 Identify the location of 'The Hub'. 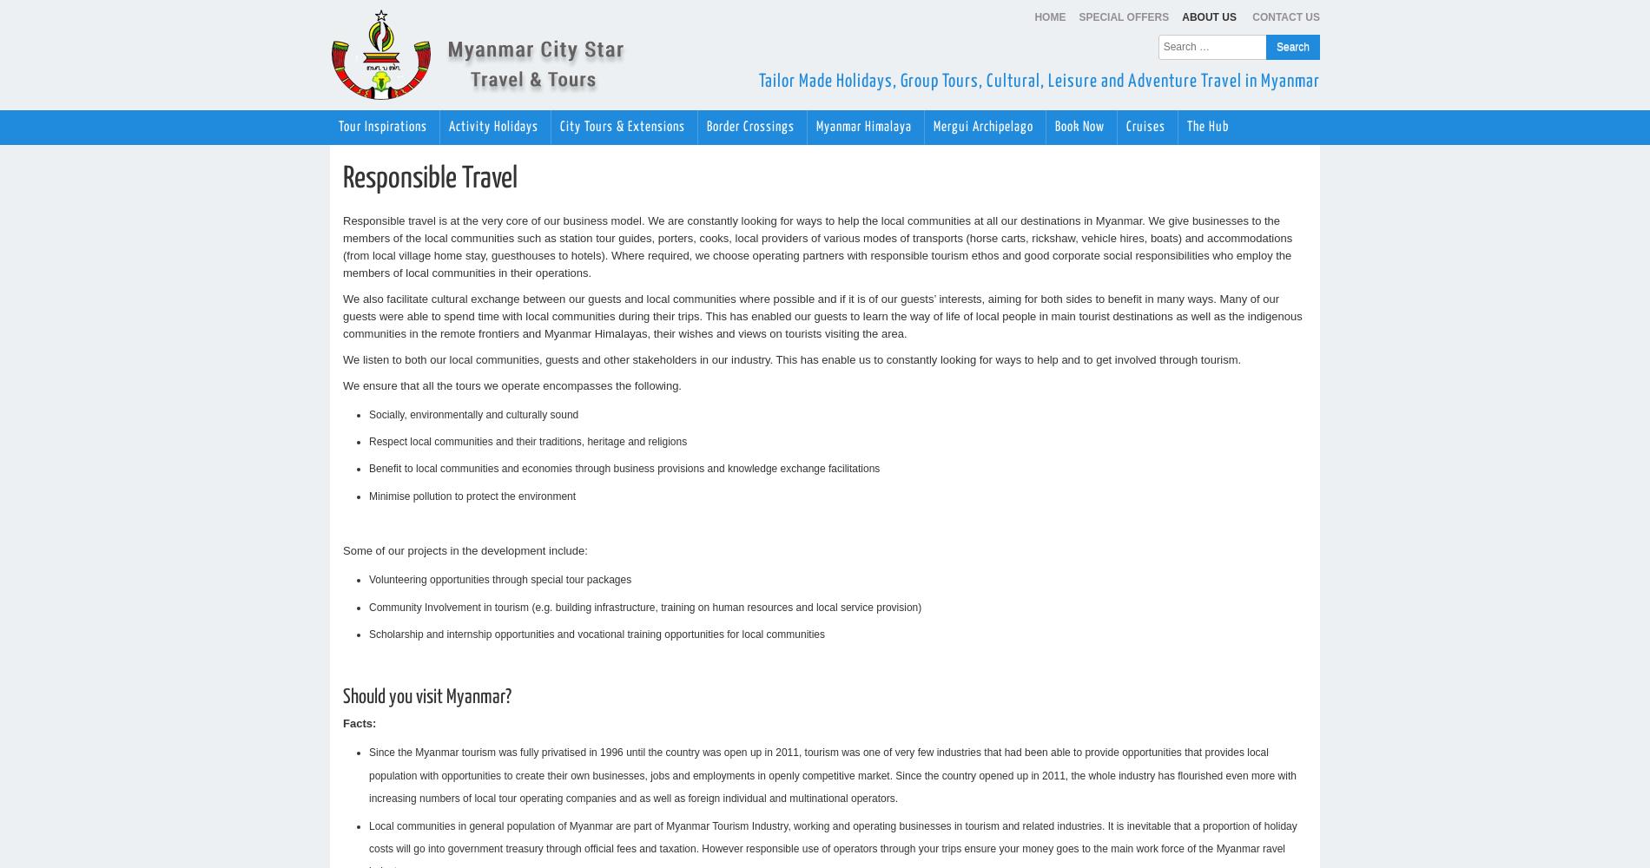
(1186, 127).